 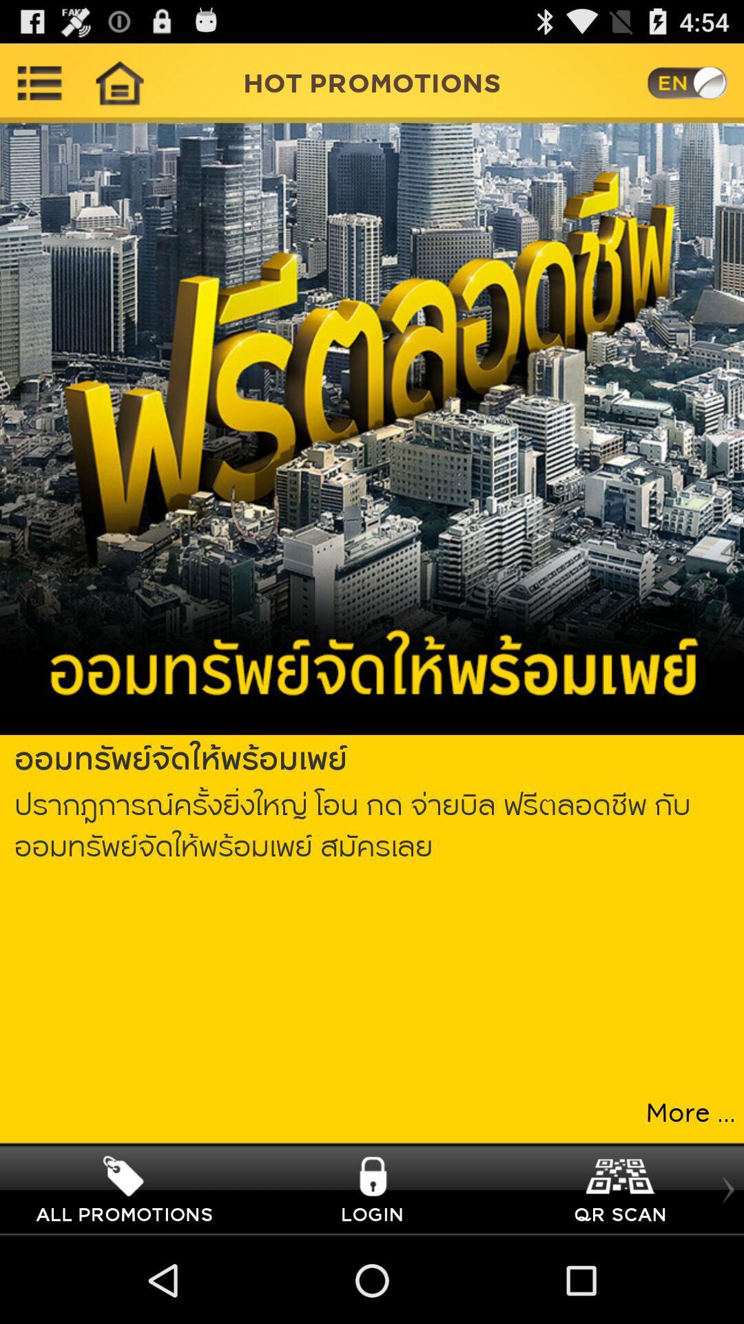 What do you see at coordinates (39, 82) in the screenshot?
I see `open main menu` at bounding box center [39, 82].